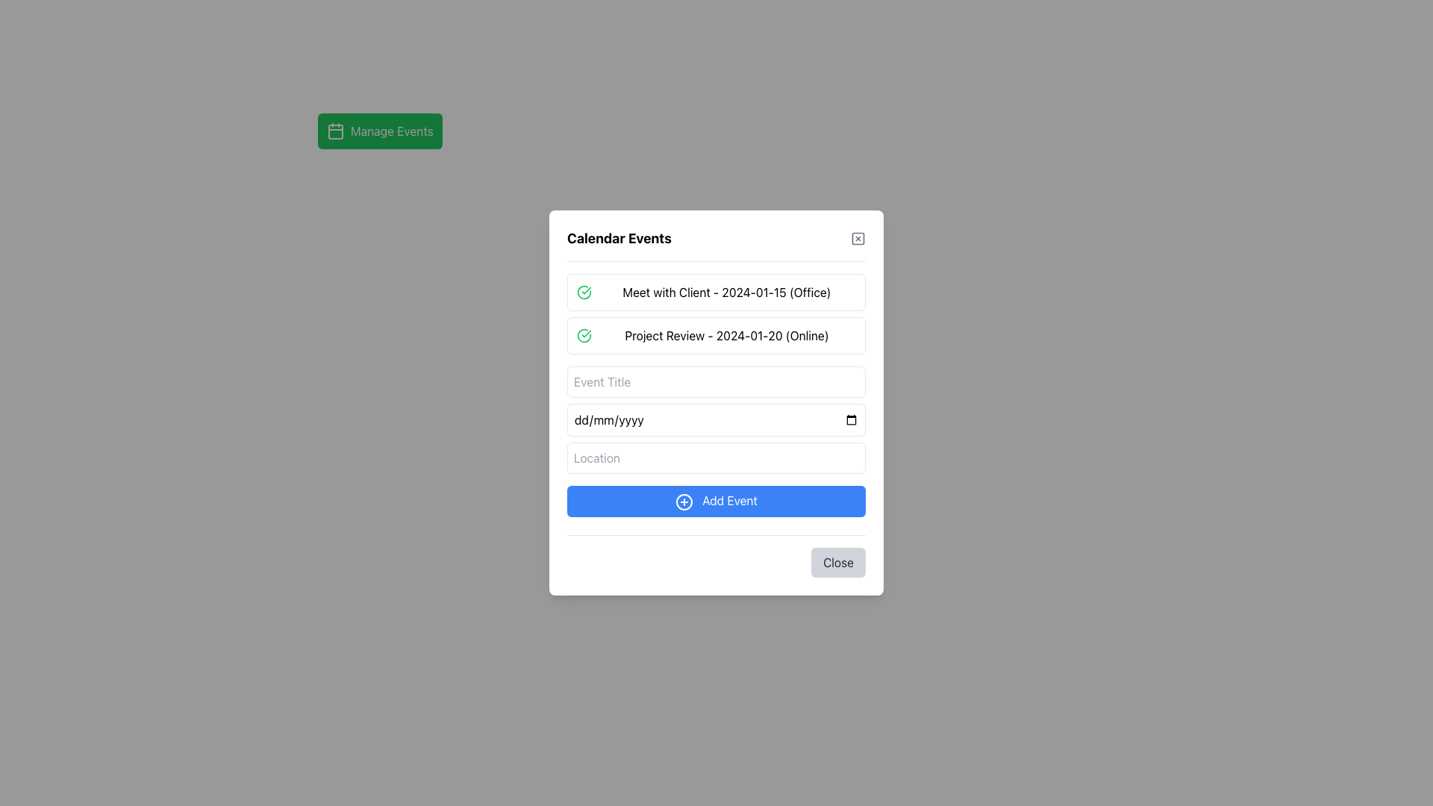 Image resolution: width=1433 pixels, height=806 pixels. Describe the element at coordinates (838, 562) in the screenshot. I see `the 'Close' button located at the bottom-right corner of the modal dialog` at that location.